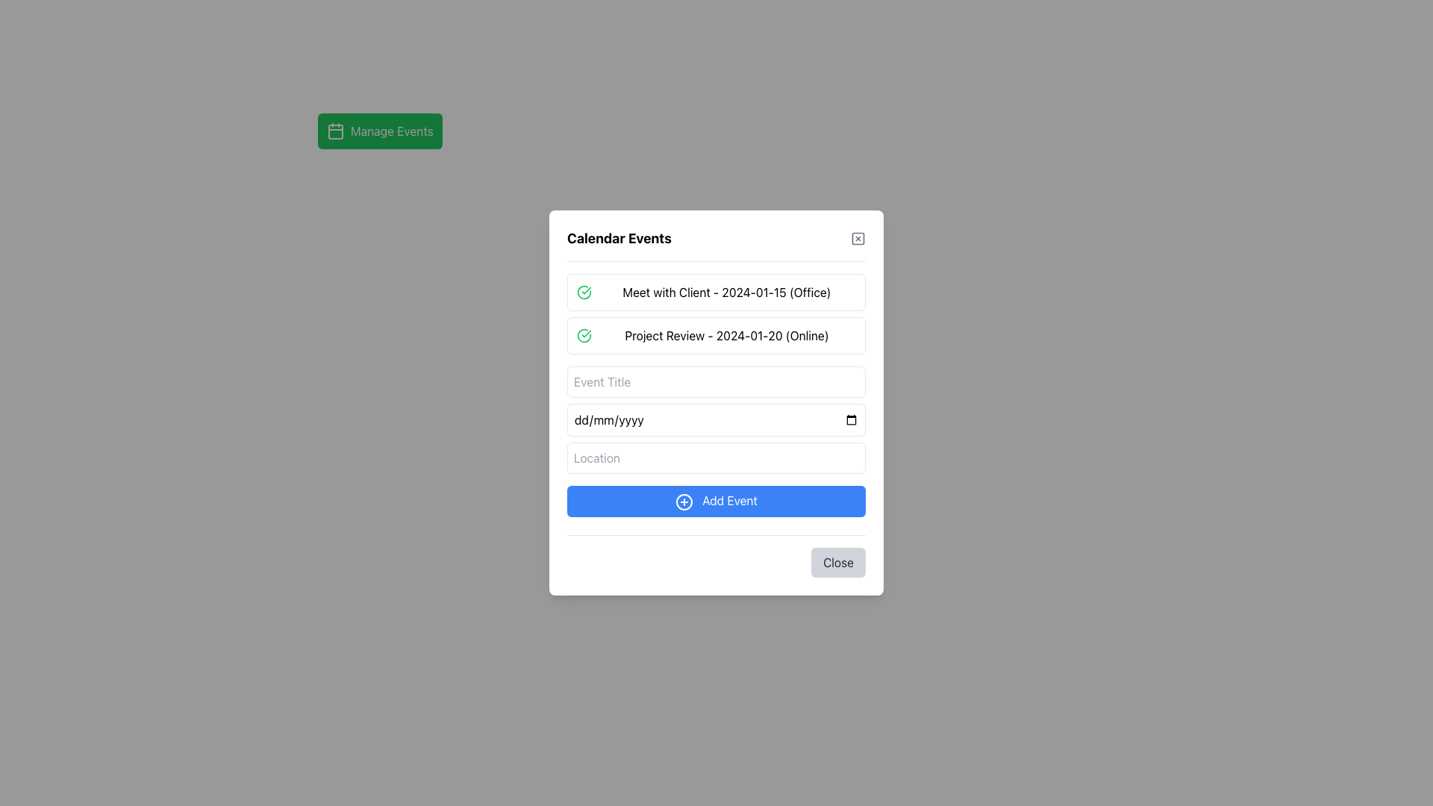 Image resolution: width=1433 pixels, height=806 pixels. Describe the element at coordinates (838, 562) in the screenshot. I see `the 'Close' button located at the bottom-right corner of the modal dialog` at that location.